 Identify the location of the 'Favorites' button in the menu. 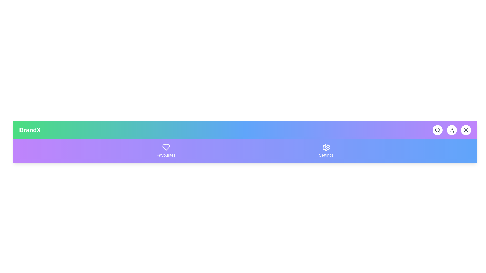
(166, 151).